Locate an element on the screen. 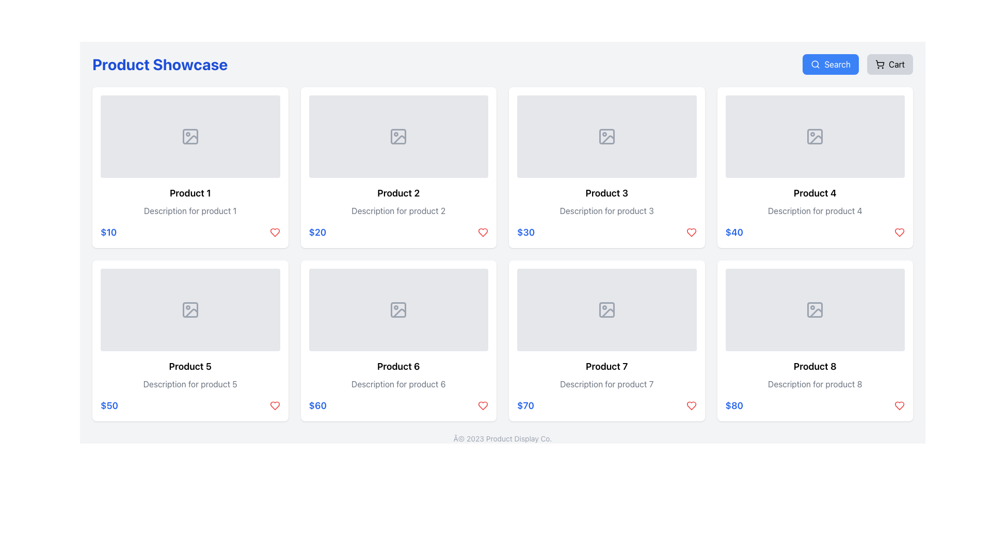 Image resolution: width=991 pixels, height=557 pixels. the image placeholder in the 'Product 2' card, which has a light gray background and a photo symbol icon is located at coordinates (398, 136).